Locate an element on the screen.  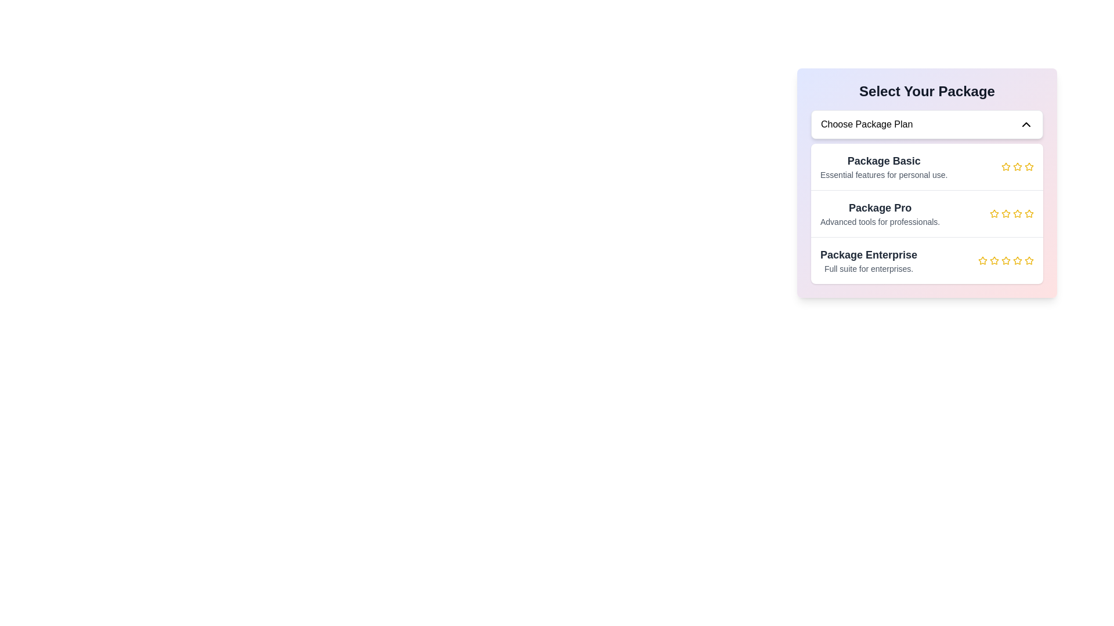
the fourth star icon in the horizontal row of five stars for 'Package Enterprise' is located at coordinates (1005, 261).